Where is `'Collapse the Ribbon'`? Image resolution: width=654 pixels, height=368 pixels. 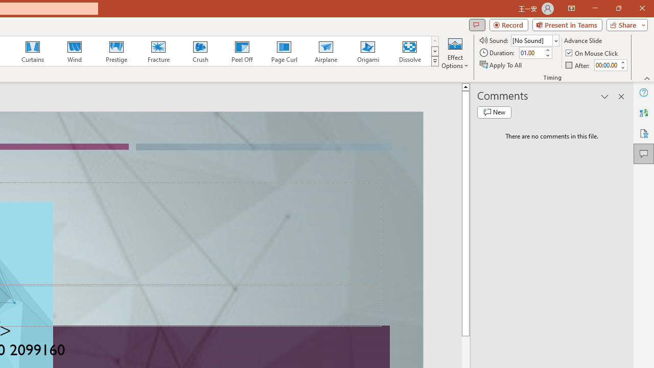 'Collapse the Ribbon' is located at coordinates (647, 78).